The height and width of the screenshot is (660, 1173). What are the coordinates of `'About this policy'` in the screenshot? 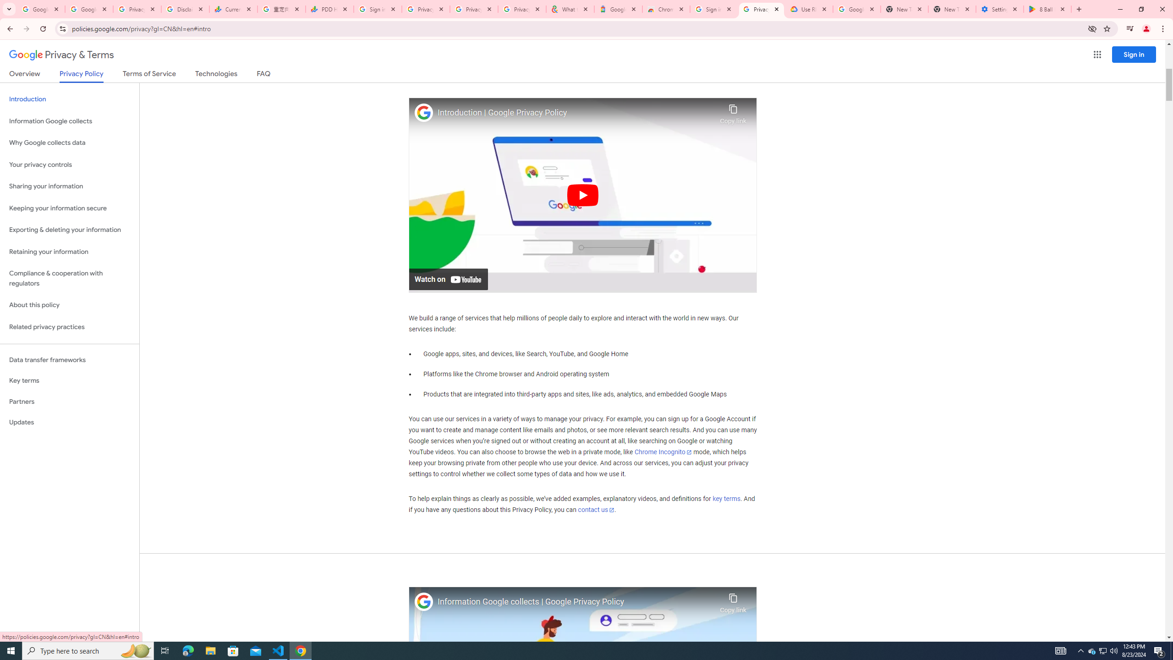 It's located at (69, 305).